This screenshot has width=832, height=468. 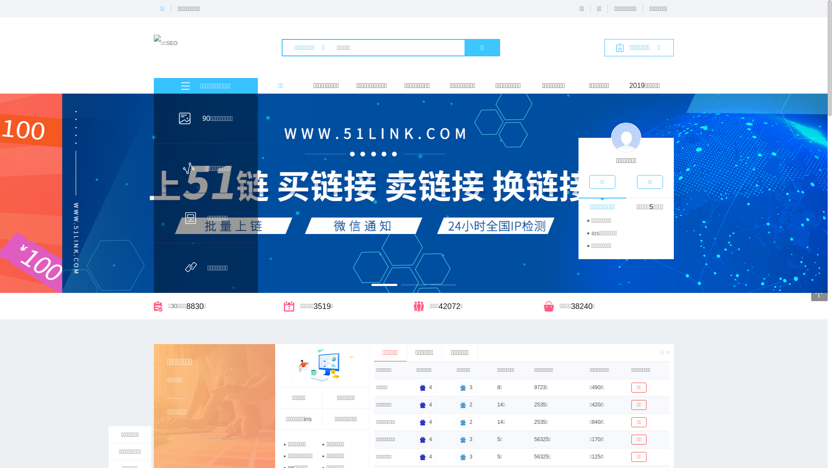 I want to click on '4', so click(x=416, y=422).